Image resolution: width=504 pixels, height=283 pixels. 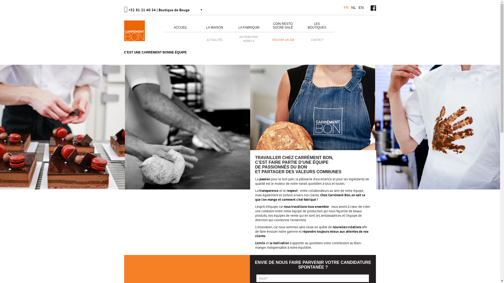 What do you see at coordinates (354, 8) in the screenshot?
I see `'NL'` at bounding box center [354, 8].